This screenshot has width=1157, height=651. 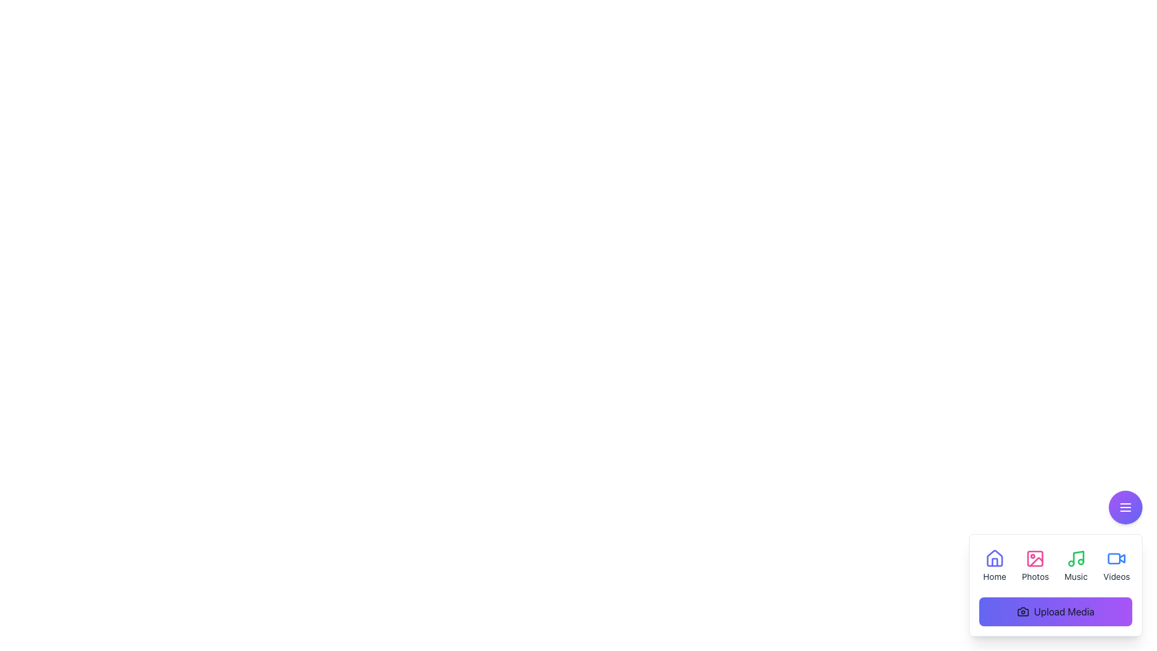 I want to click on the 'Photos' button with an image icon, which is styled with gray text that changes to pink when hovered, located in the second column of a four-column grid layout in the bottom-right corner of the interface, so click(x=1035, y=565).